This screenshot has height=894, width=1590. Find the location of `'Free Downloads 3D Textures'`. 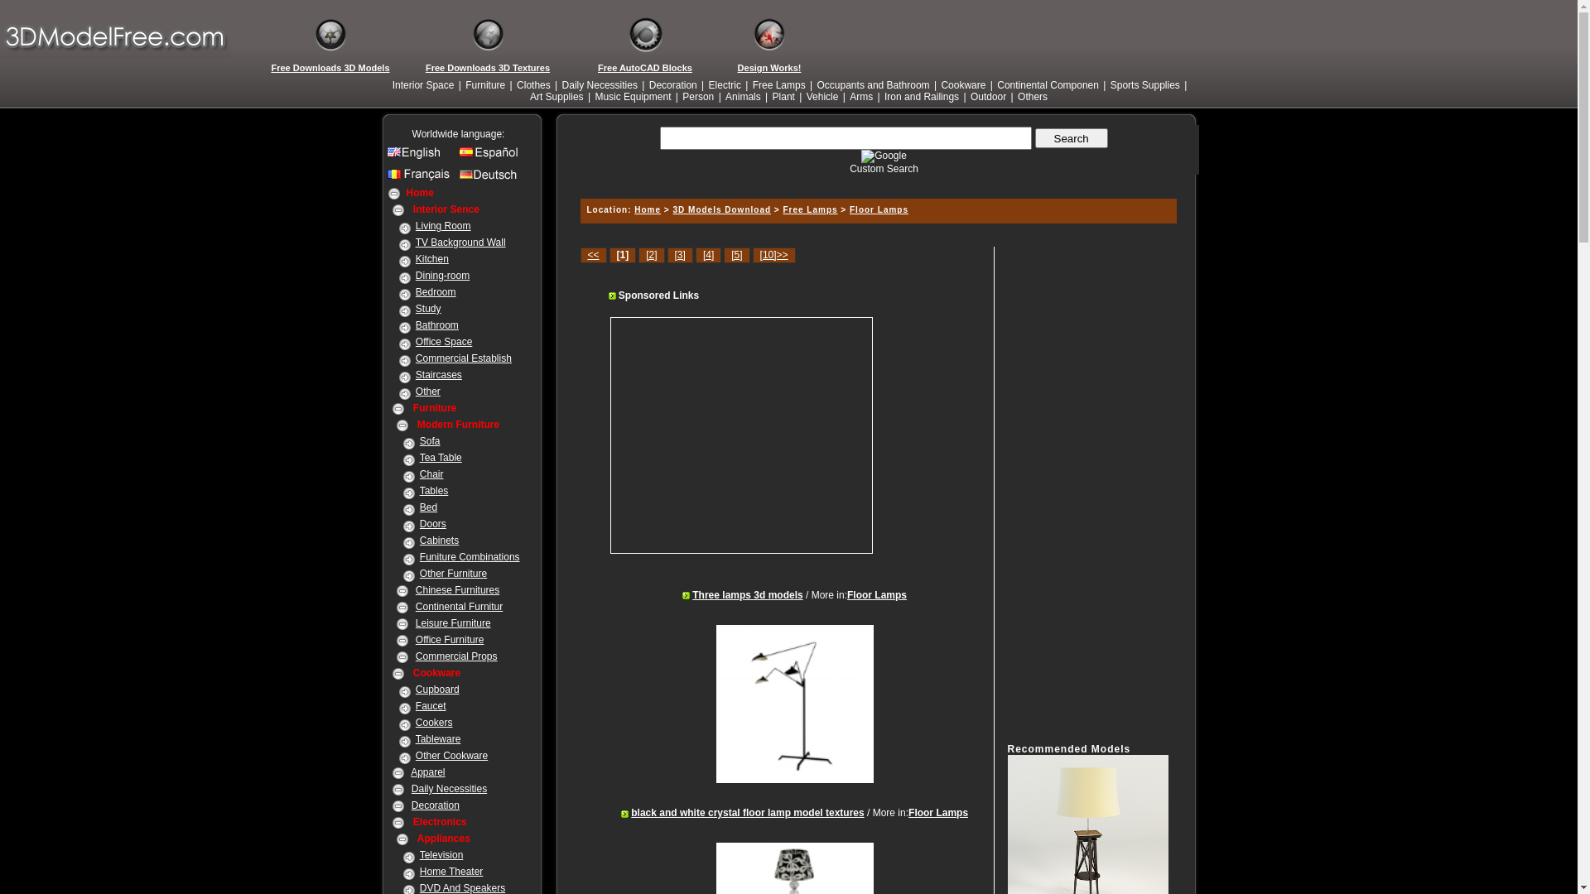

'Free Downloads 3D Textures' is located at coordinates (487, 66).